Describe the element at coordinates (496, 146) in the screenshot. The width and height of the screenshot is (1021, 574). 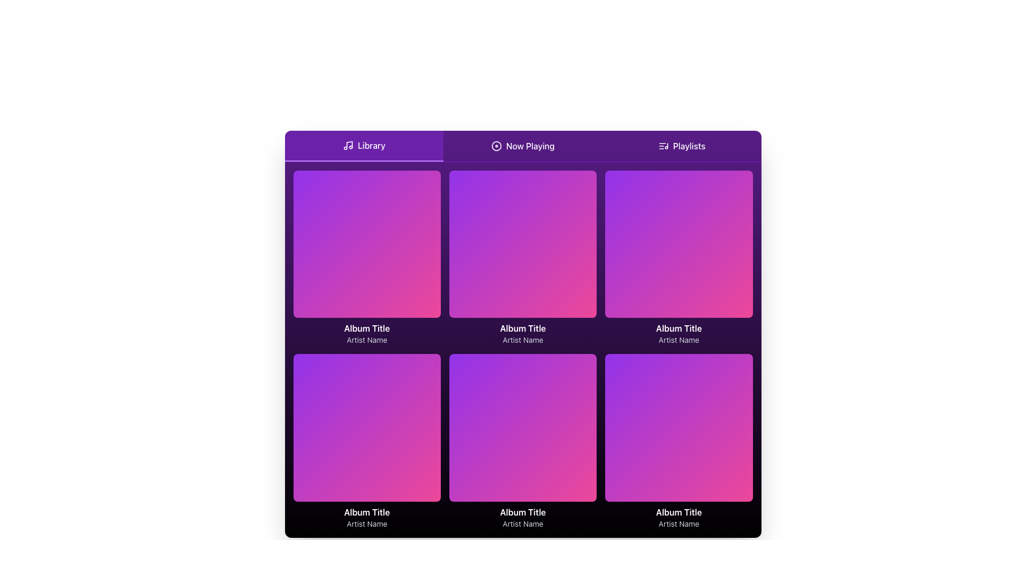
I see `the circular icon located to the left of the 'Now Playing' text in the top navigation bar, which features a minimalist design with an outer and inner circle` at that location.